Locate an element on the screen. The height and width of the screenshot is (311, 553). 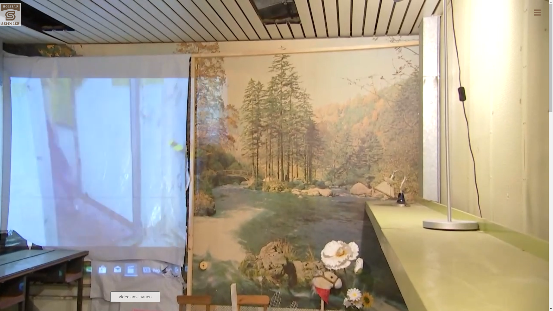
'Menu' is located at coordinates (525, 12).